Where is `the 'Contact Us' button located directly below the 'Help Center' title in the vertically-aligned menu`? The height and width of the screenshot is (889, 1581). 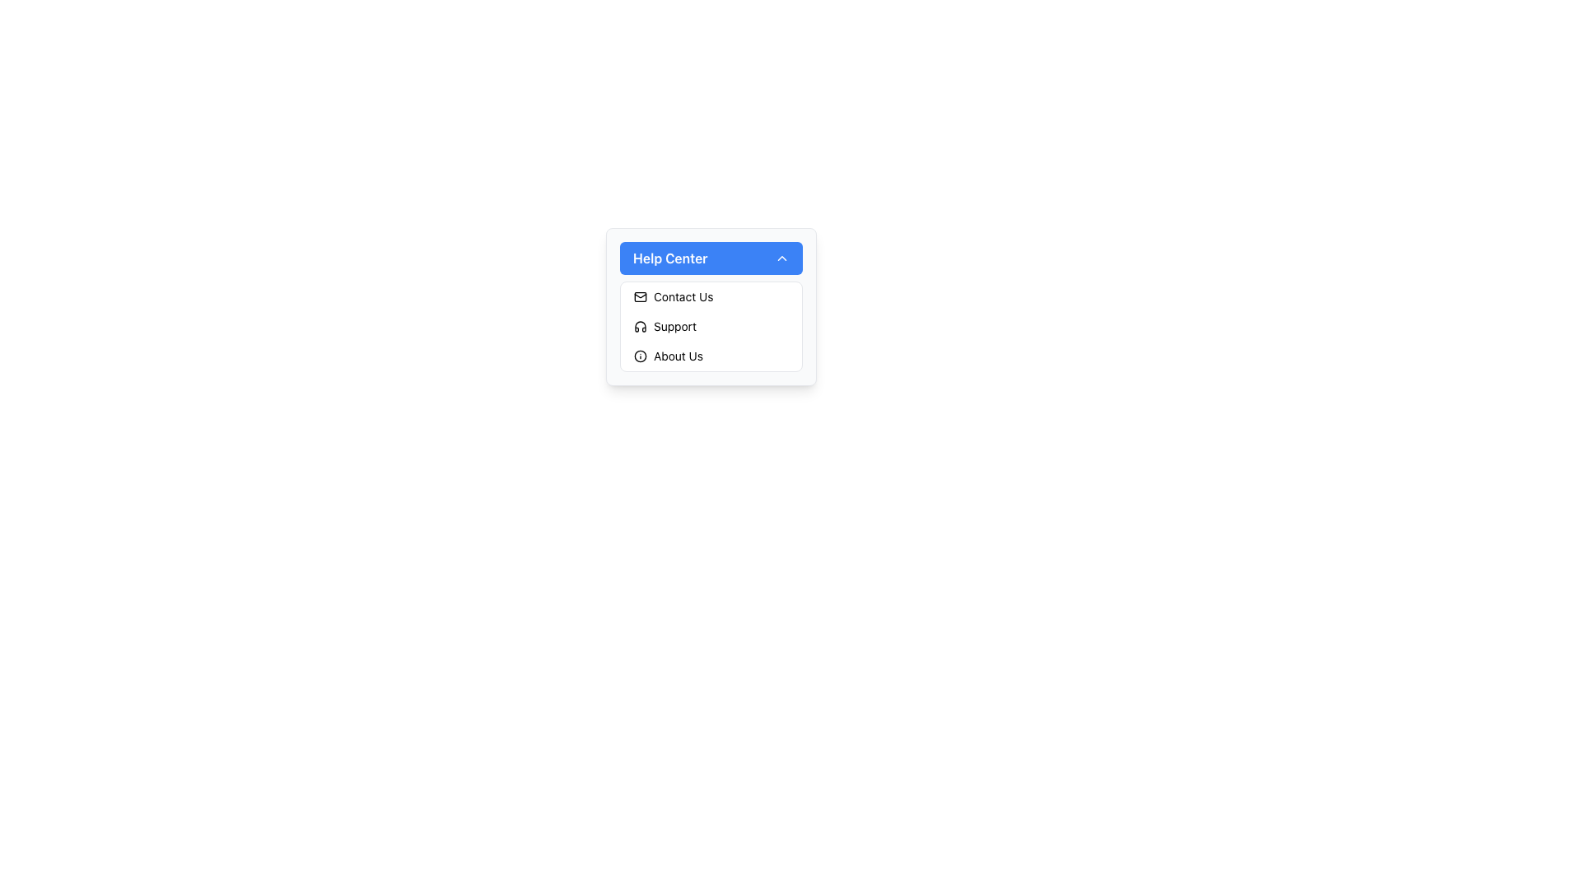 the 'Contact Us' button located directly below the 'Help Center' title in the vertically-aligned menu is located at coordinates (711, 297).